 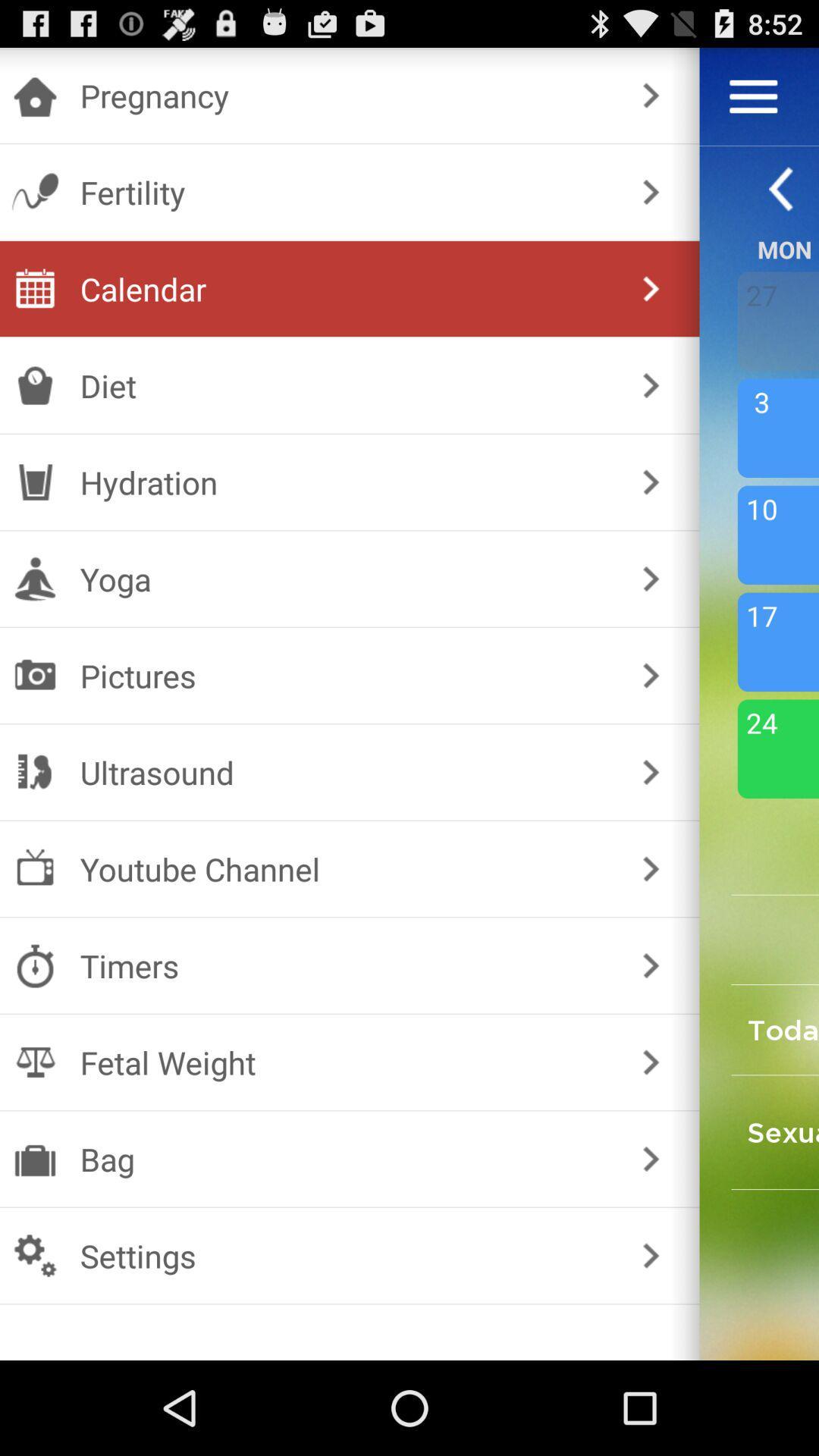 I want to click on the icon below bag checkbox, so click(x=347, y=1256).